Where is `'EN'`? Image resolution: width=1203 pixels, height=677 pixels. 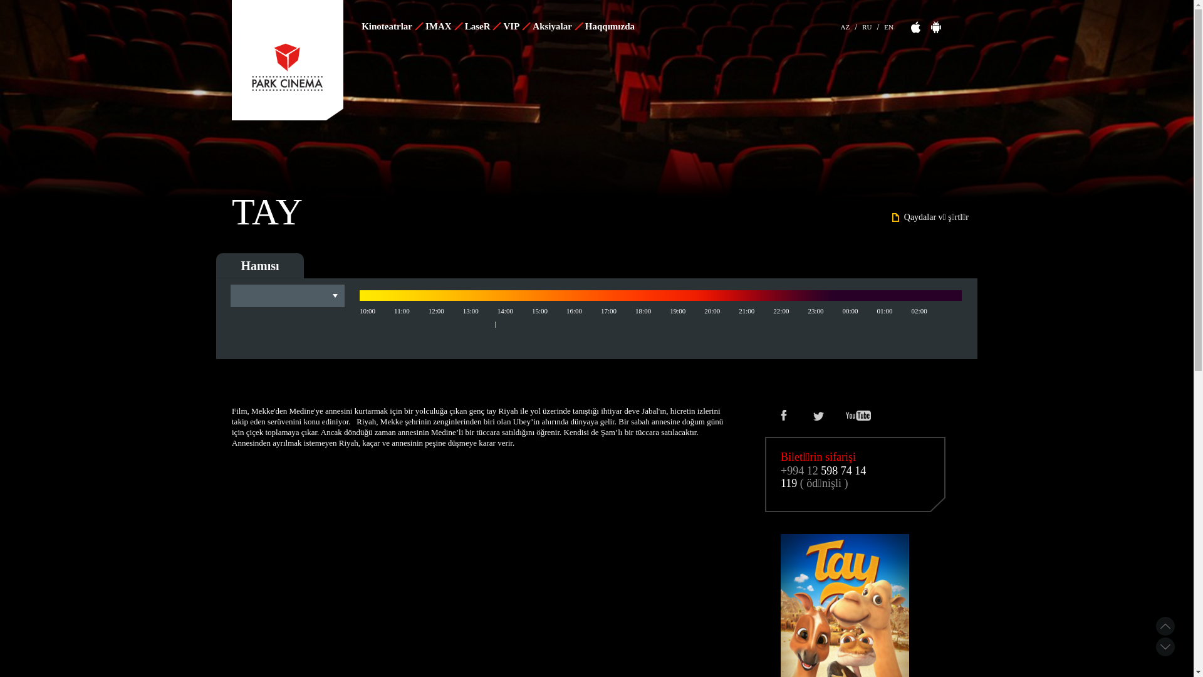
'EN' is located at coordinates (888, 25).